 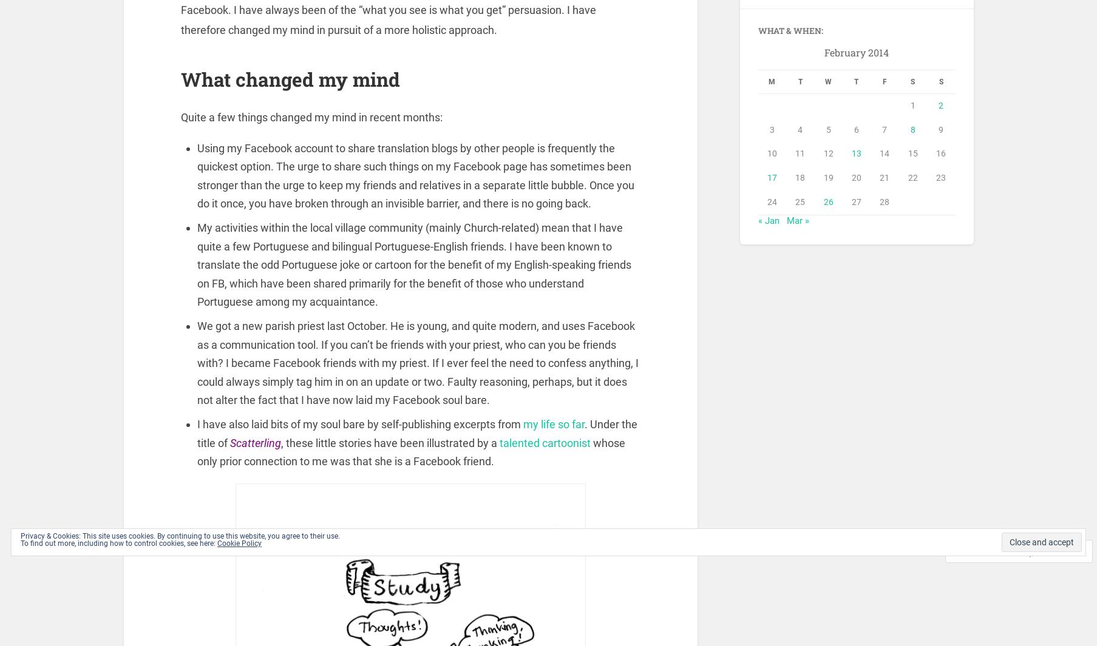 I want to click on '3', so click(x=772, y=132).